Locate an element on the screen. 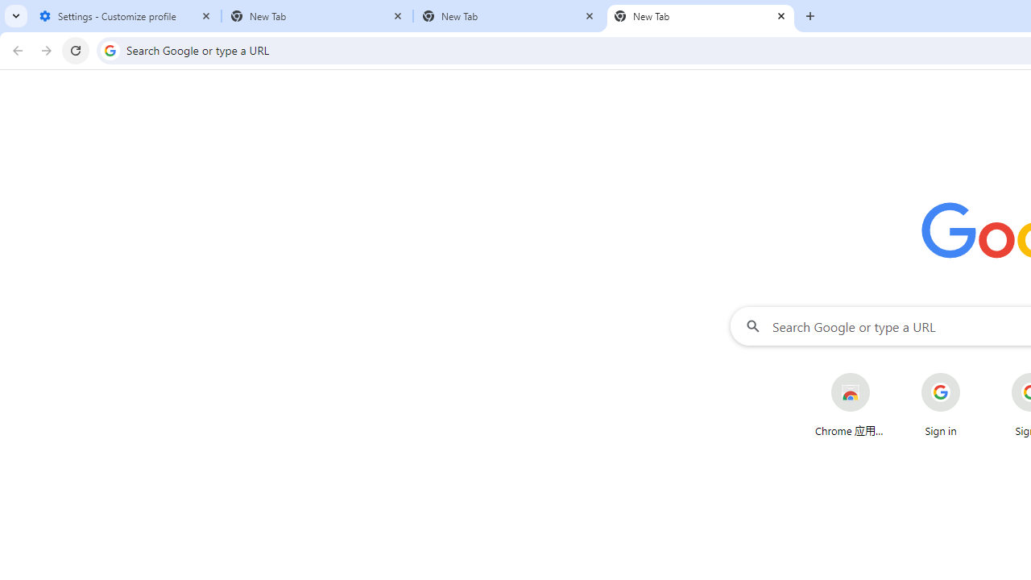 The height and width of the screenshot is (580, 1031). 'More actions for Sign in shortcut' is located at coordinates (972, 374).